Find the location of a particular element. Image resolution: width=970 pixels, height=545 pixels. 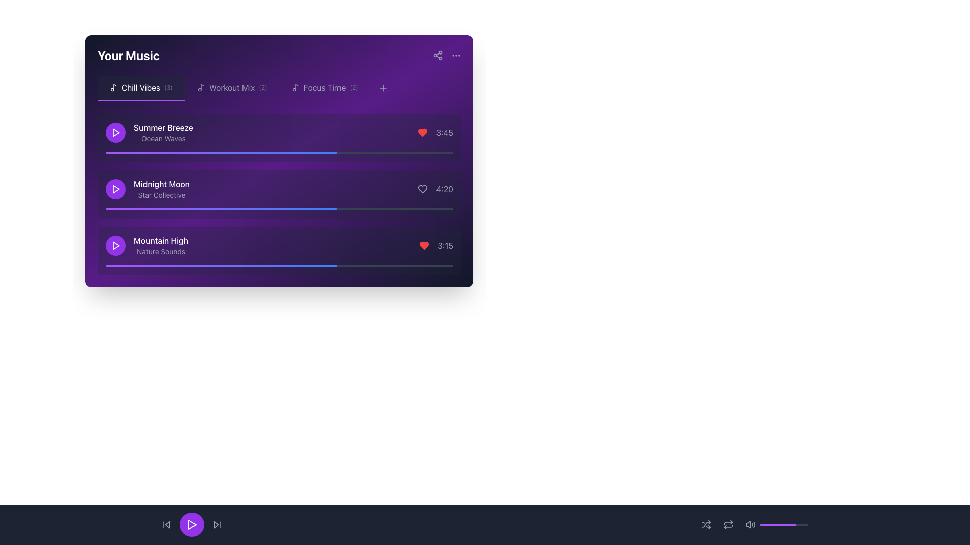

the progress indicator bar located at the bottom of the 'Mountain High' music item in the playlist interface, which visually indicates the portion of the currently playing song that has been completed is located at coordinates (221, 265).